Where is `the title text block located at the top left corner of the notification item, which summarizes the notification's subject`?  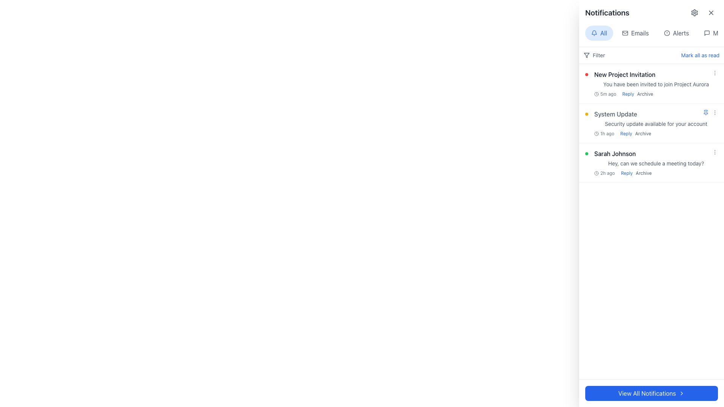 the title text block located at the top left corner of the notification item, which summarizes the notification's subject is located at coordinates (625, 74).